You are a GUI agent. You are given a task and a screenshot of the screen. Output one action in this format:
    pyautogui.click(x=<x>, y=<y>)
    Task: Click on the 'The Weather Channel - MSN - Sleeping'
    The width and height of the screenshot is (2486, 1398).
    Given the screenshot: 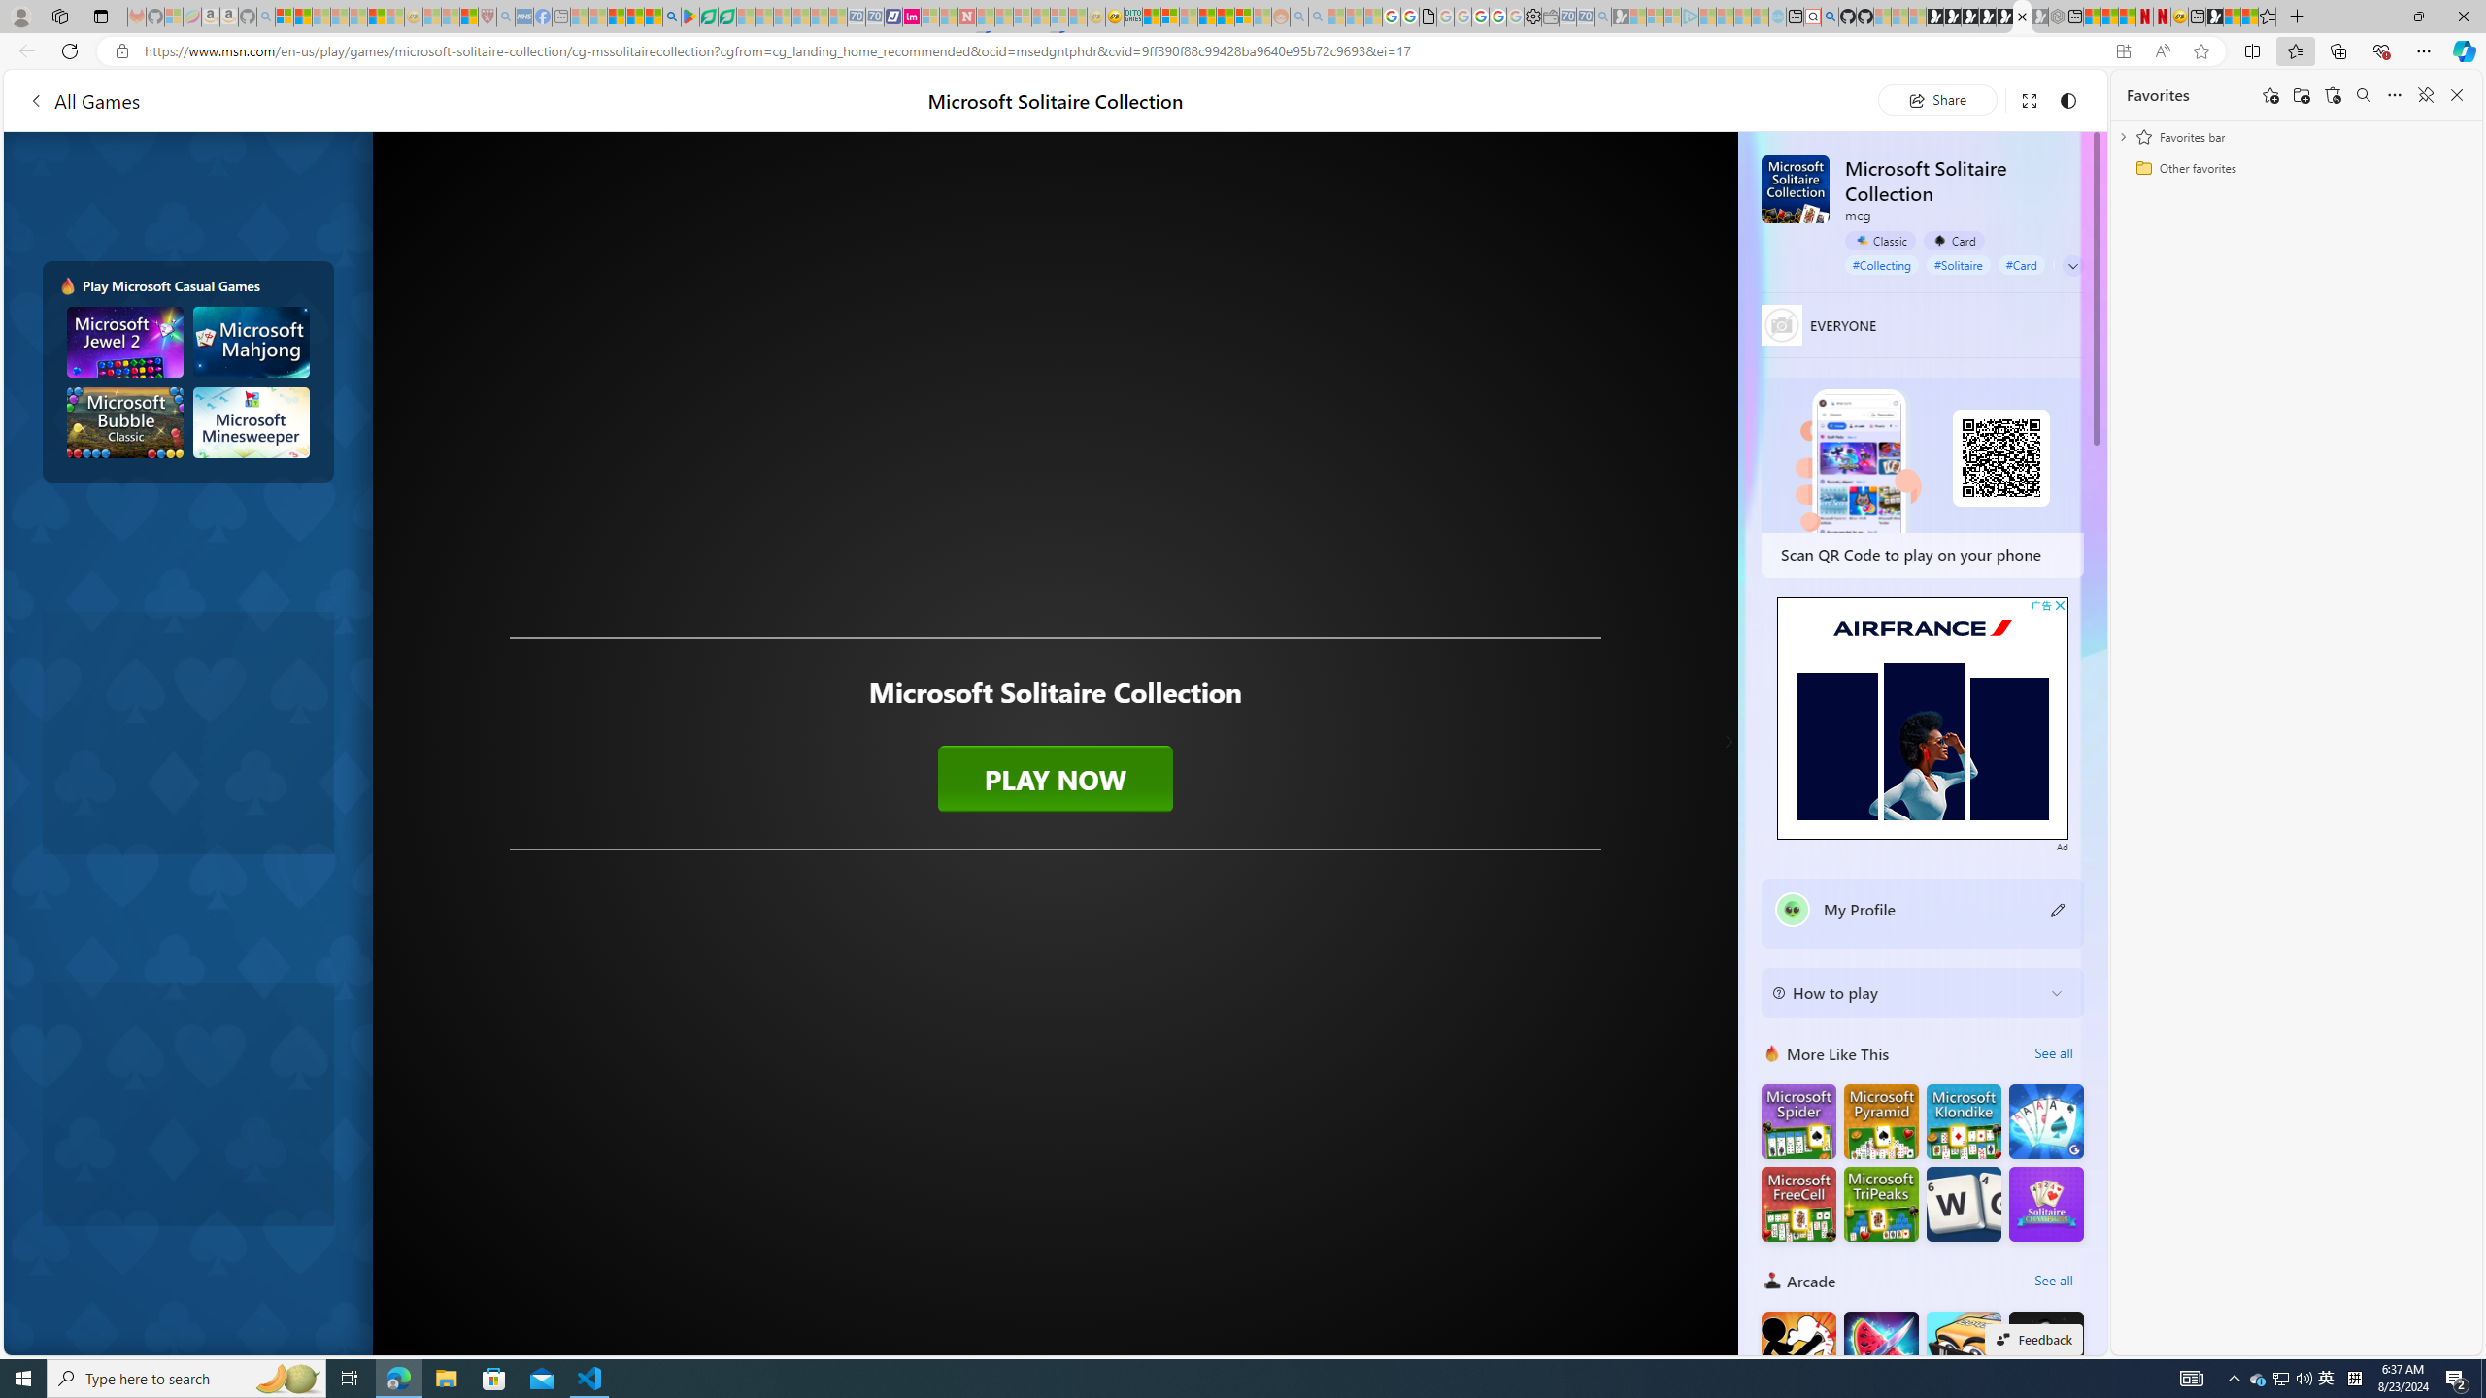 What is the action you would take?
    pyautogui.click(x=320, y=16)
    